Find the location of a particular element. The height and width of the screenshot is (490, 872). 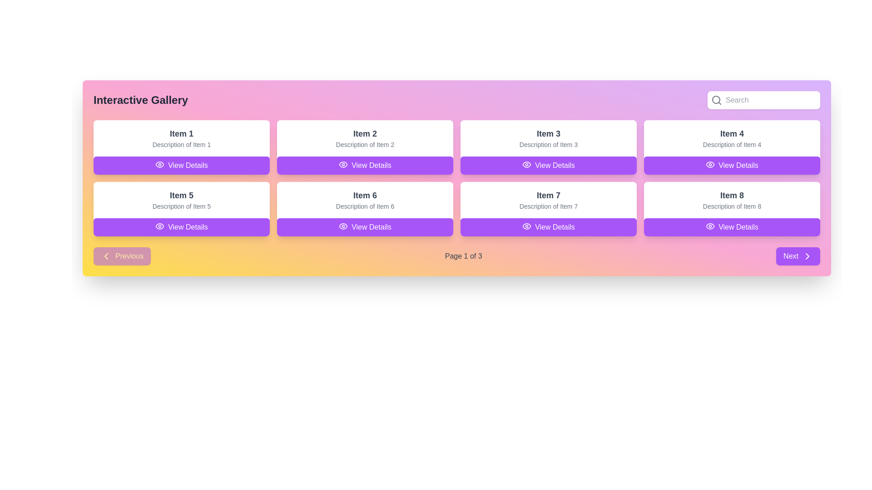

the Text Label providing additional information about 'Item 6', located in the second row, second column of the grid layout is located at coordinates (365, 206).